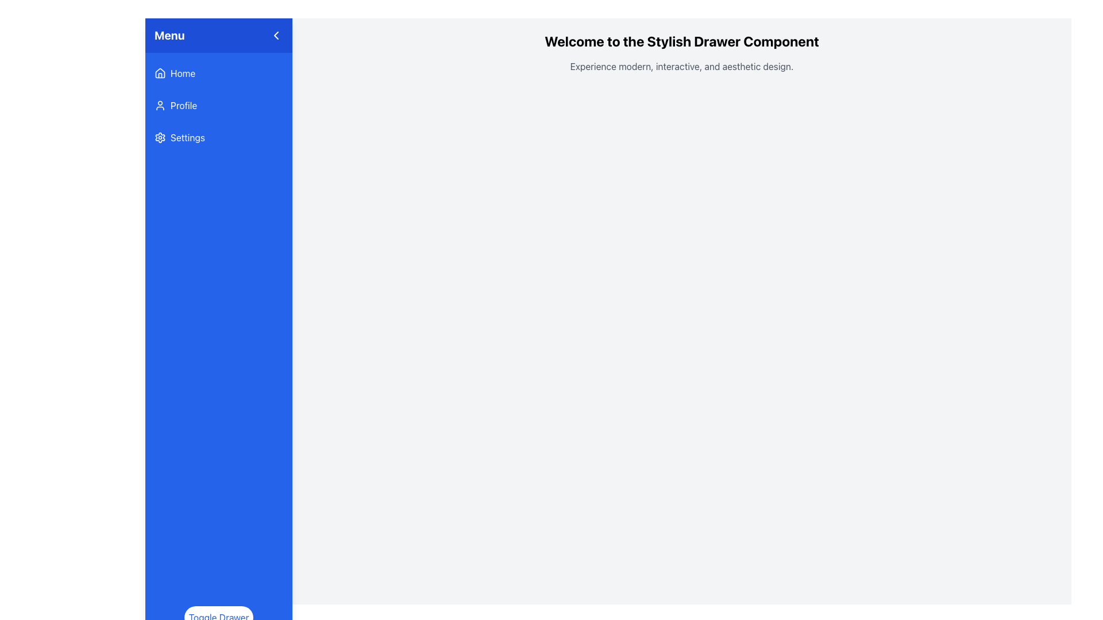  I want to click on the 'Home' button at the top of the navigation menu, so click(218, 73).